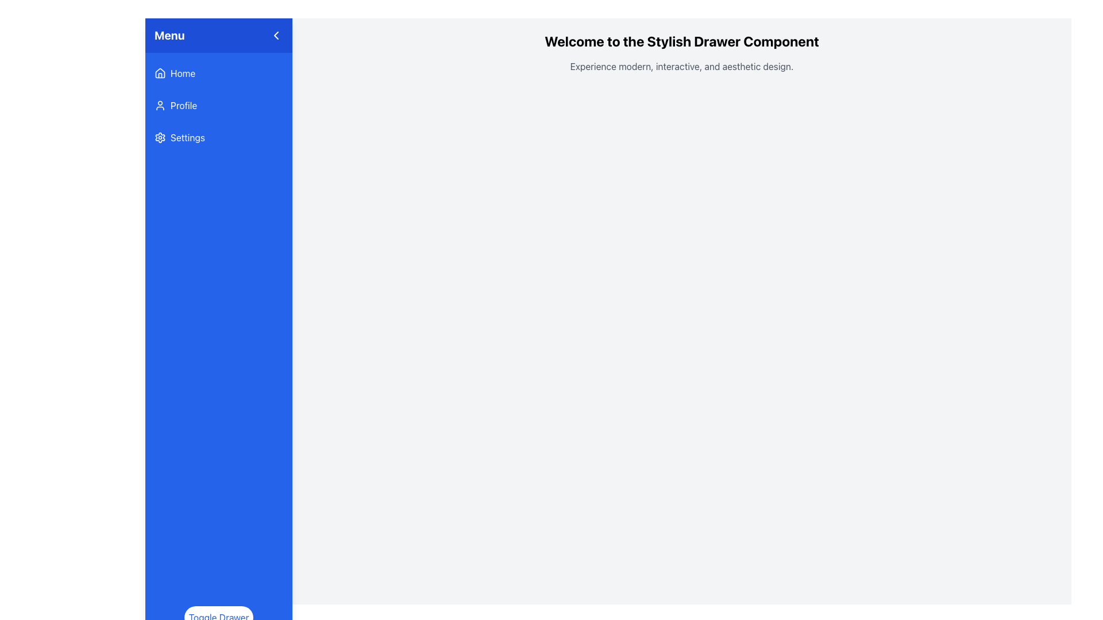  I want to click on the 'Home' button at the top of the navigation menu, so click(218, 73).